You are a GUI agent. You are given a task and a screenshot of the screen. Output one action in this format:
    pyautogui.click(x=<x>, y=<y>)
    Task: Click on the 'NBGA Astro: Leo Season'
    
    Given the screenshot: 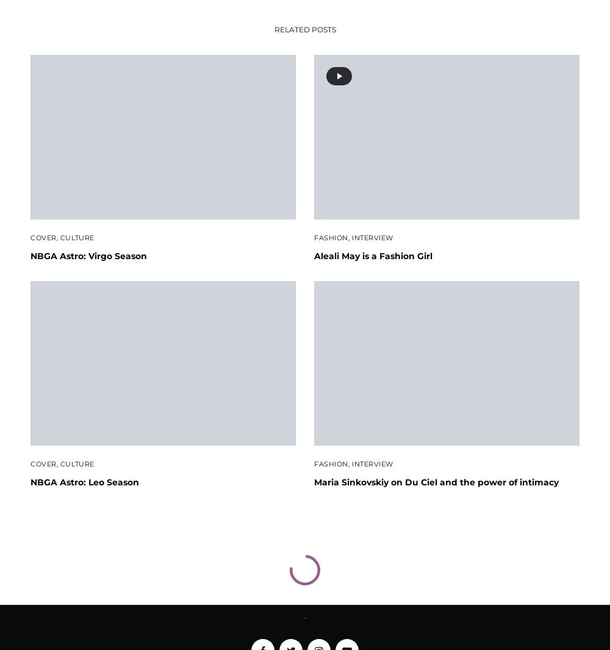 What is the action you would take?
    pyautogui.click(x=85, y=481)
    